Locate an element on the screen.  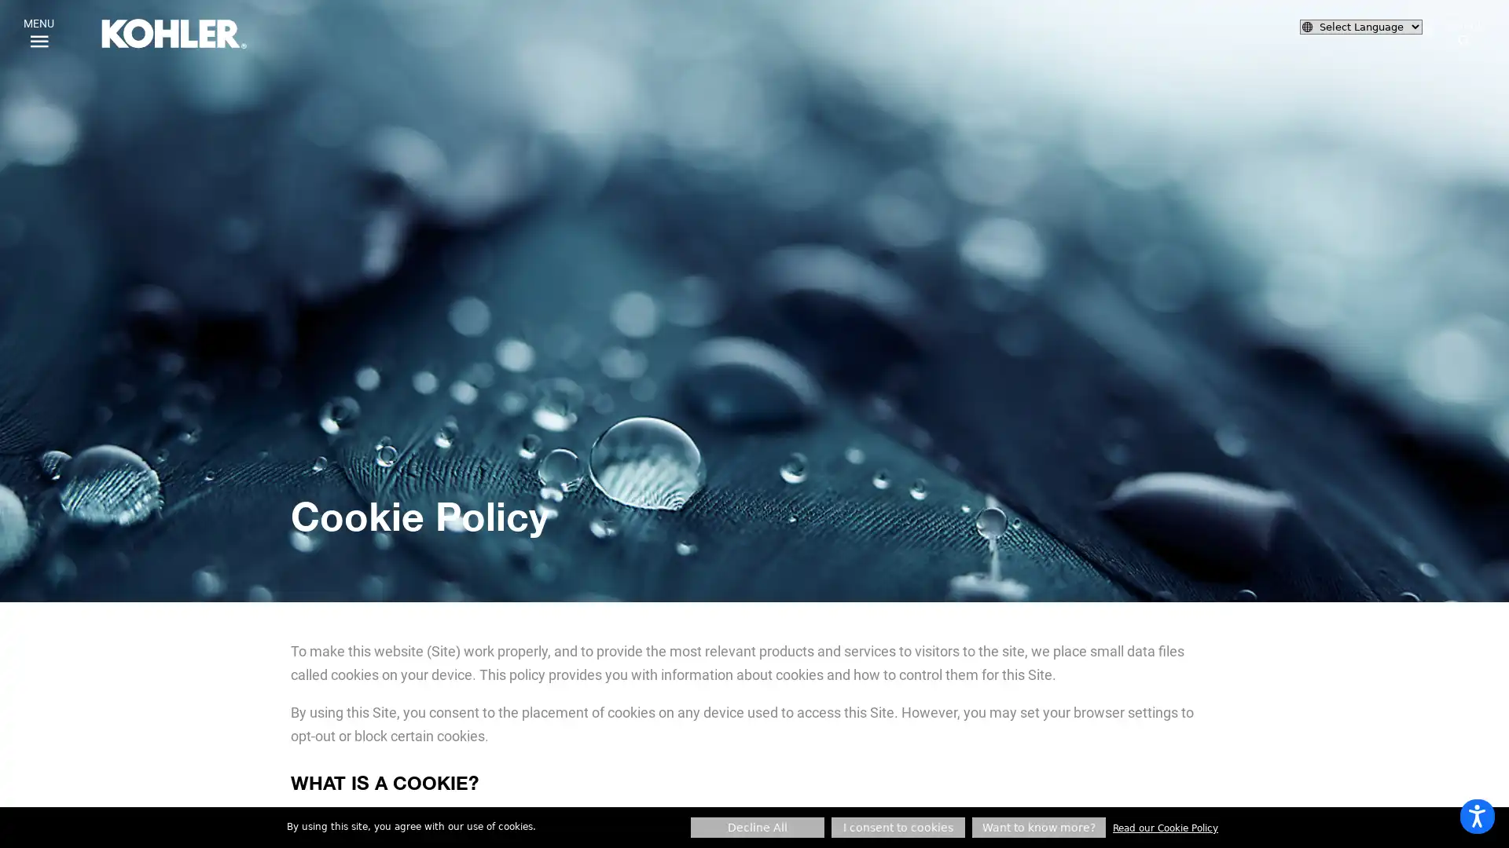
I consent to cookies is located at coordinates (898, 826).